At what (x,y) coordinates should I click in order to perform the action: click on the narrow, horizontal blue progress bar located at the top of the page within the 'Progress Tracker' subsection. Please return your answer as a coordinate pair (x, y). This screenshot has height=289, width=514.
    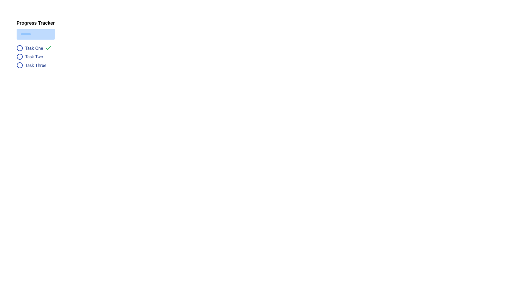
    Looking at the image, I should click on (25, 34).